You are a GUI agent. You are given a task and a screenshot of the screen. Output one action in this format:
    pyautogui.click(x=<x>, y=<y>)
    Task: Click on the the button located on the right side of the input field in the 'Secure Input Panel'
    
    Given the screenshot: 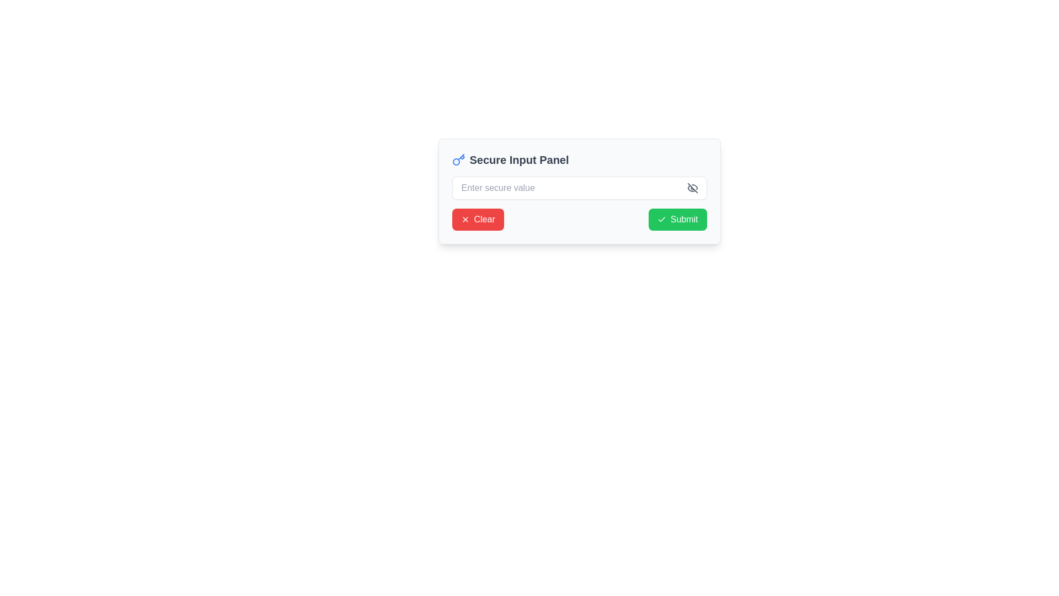 What is the action you would take?
    pyautogui.click(x=692, y=187)
    